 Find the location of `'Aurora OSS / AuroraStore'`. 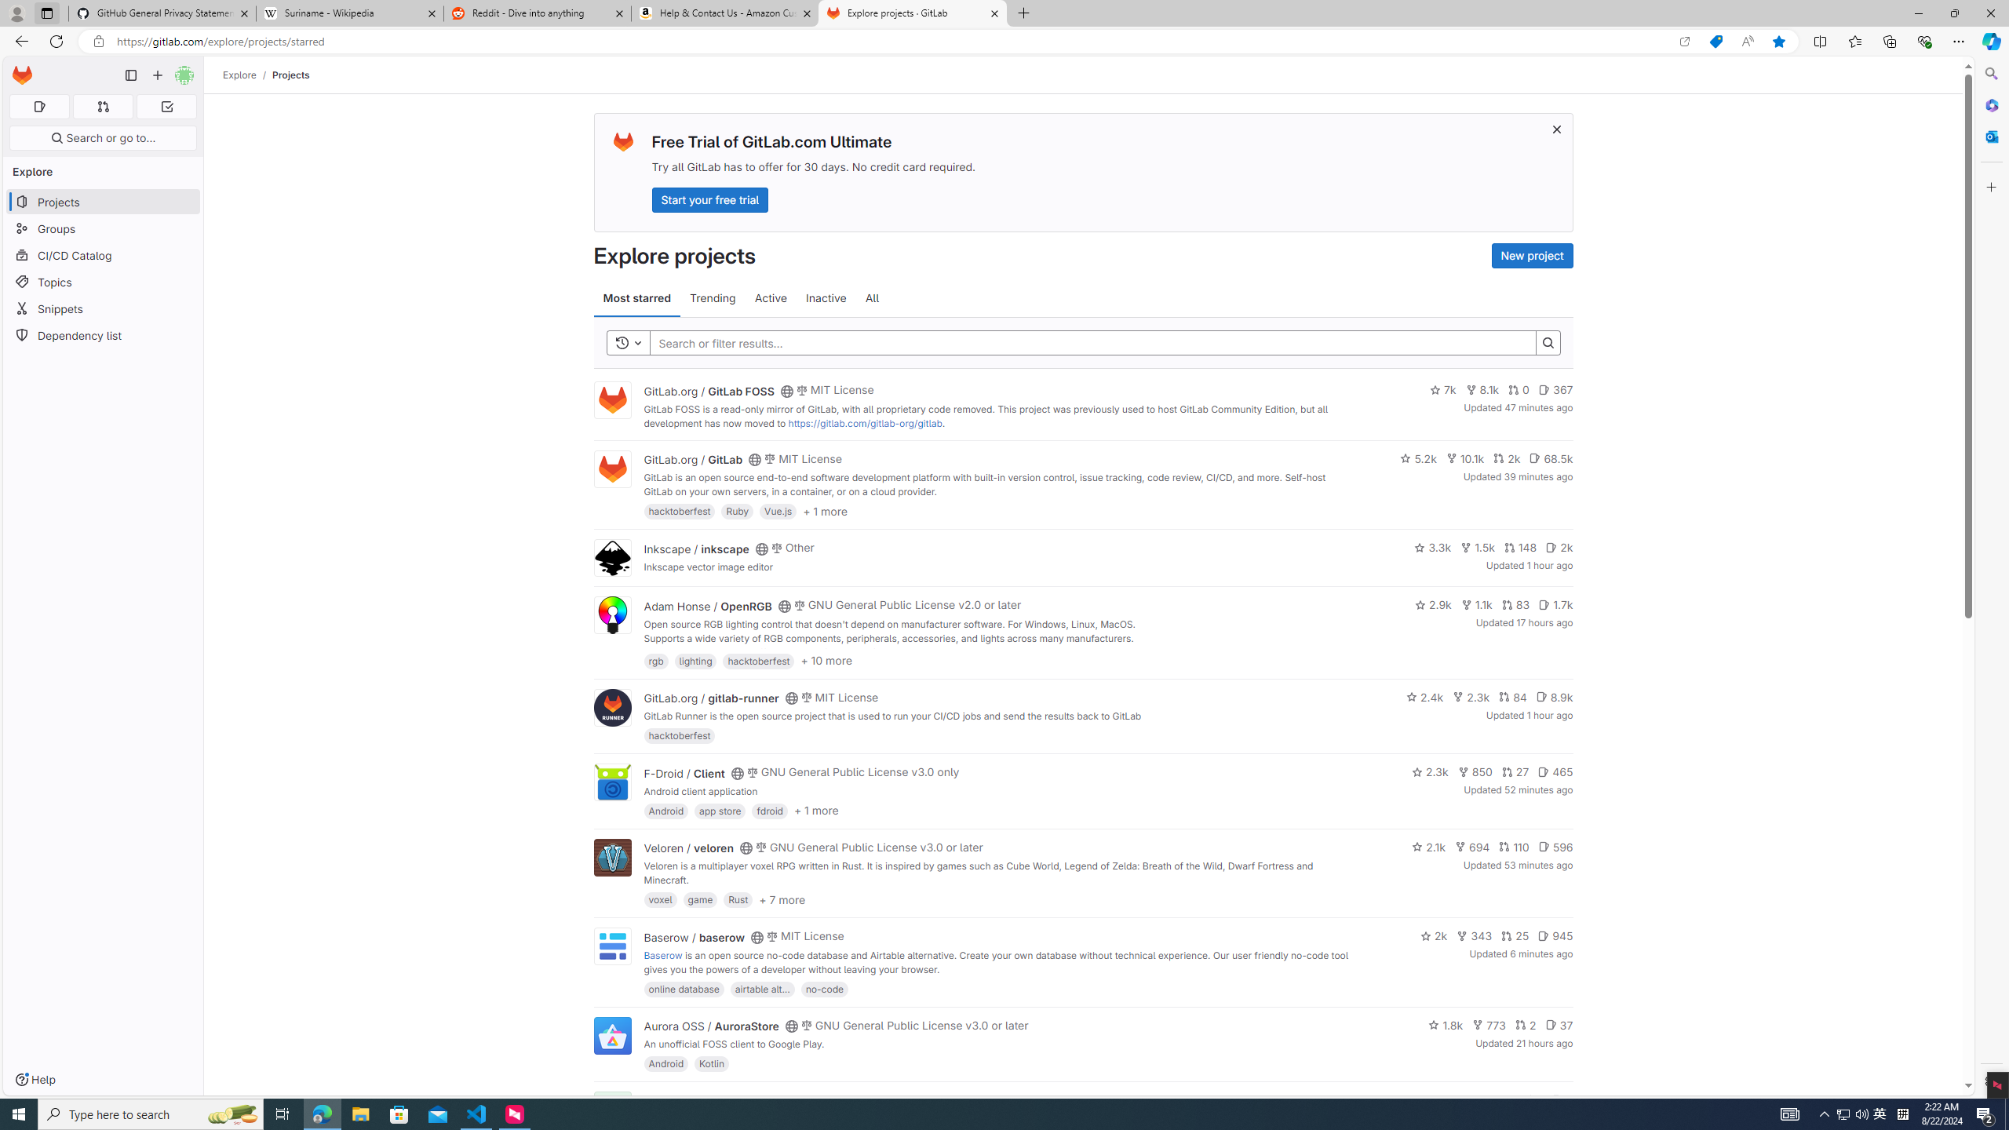

'Aurora OSS / AuroraStore' is located at coordinates (710, 1026).